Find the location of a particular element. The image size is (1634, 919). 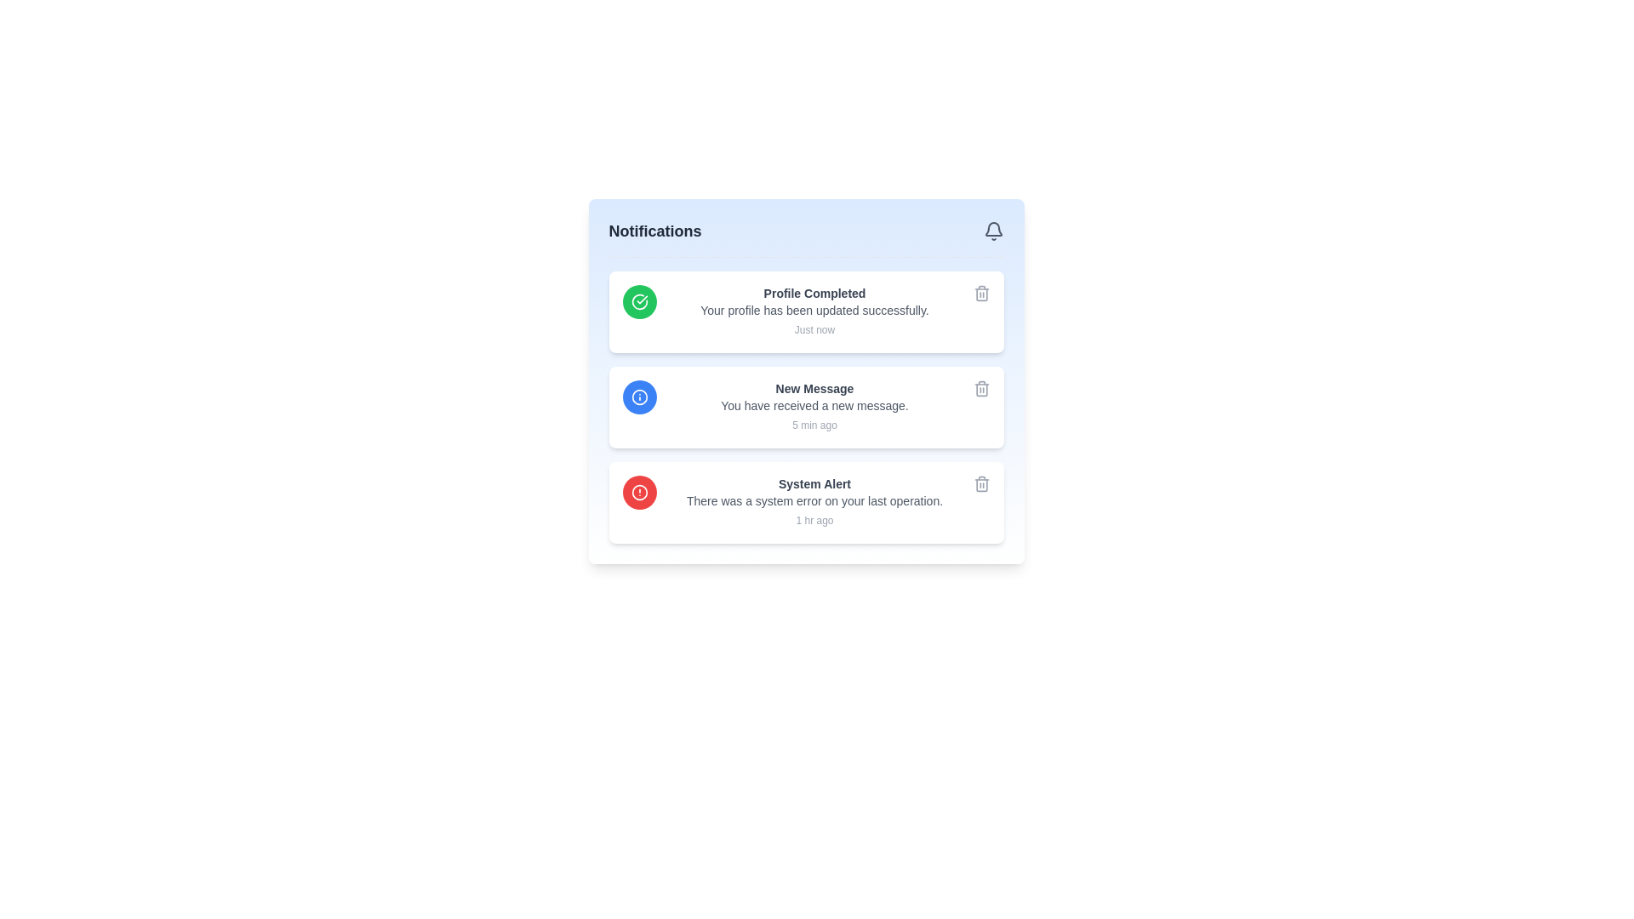

the bell-shaped icon located on the top-right side of the panel under the 'Notifications' header is located at coordinates (993, 231).